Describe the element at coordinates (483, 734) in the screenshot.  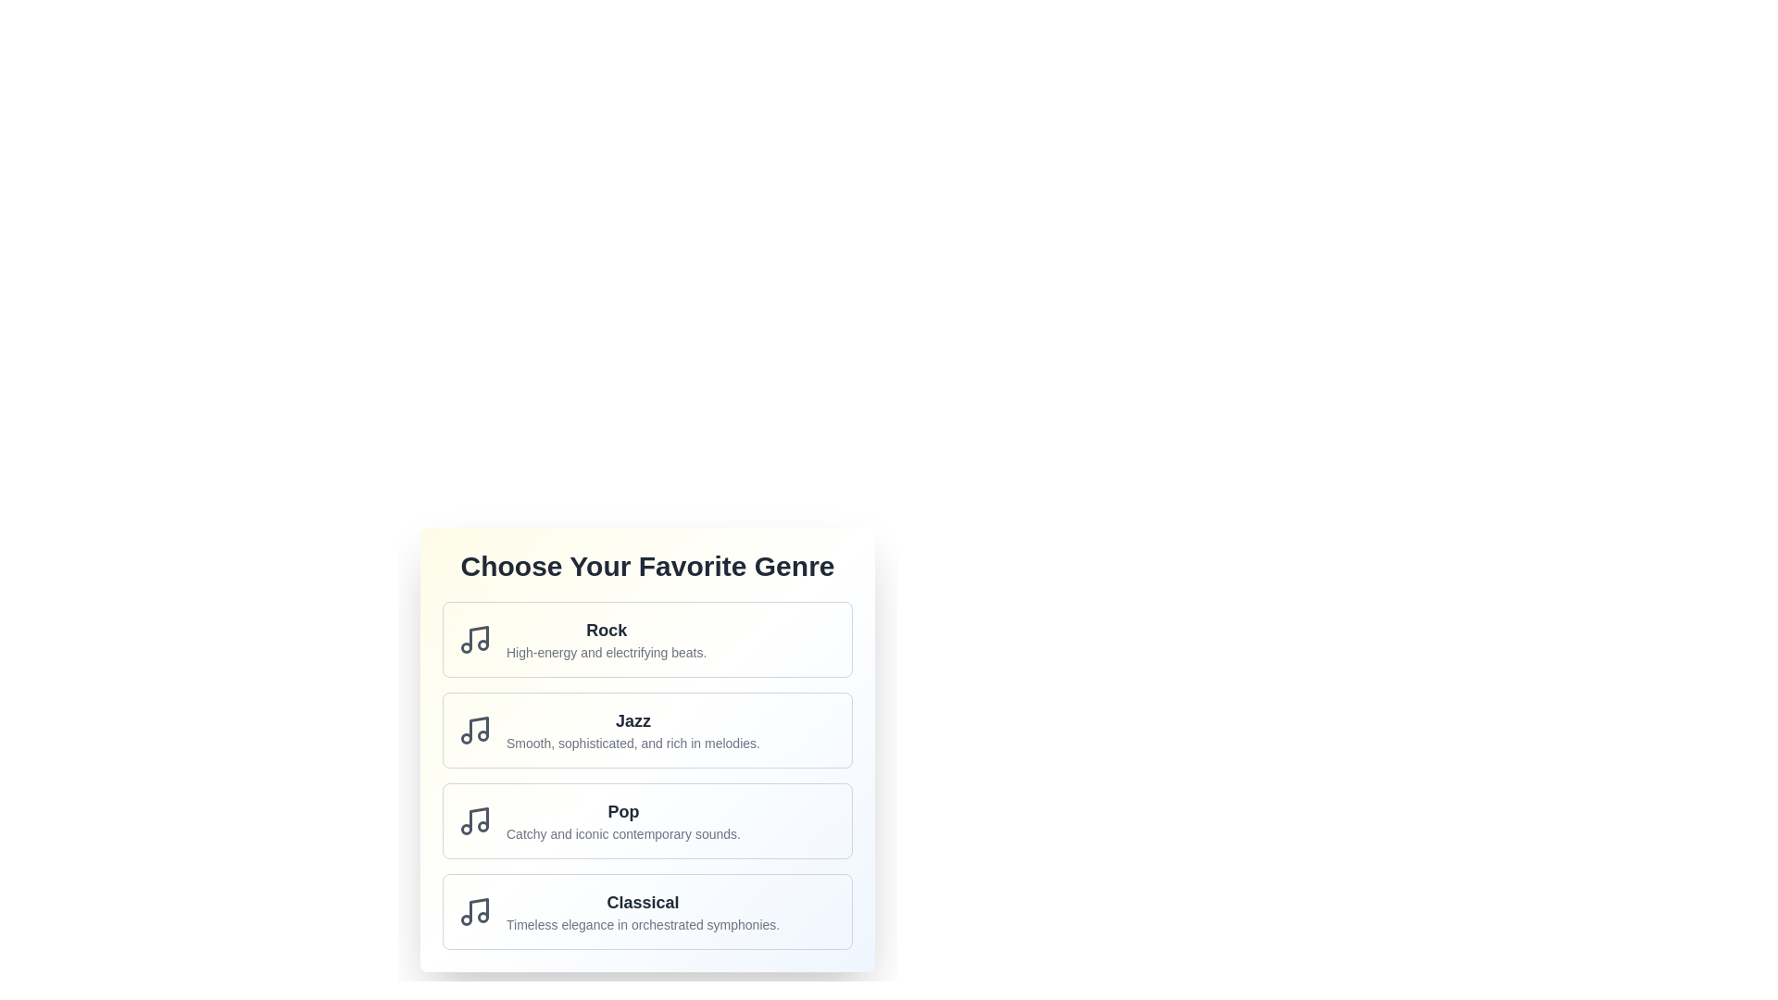
I see `the small hollow circle element representing the rightmost part of the music symbol icon, which is visually characterized by its lack of fill and stroke` at that location.